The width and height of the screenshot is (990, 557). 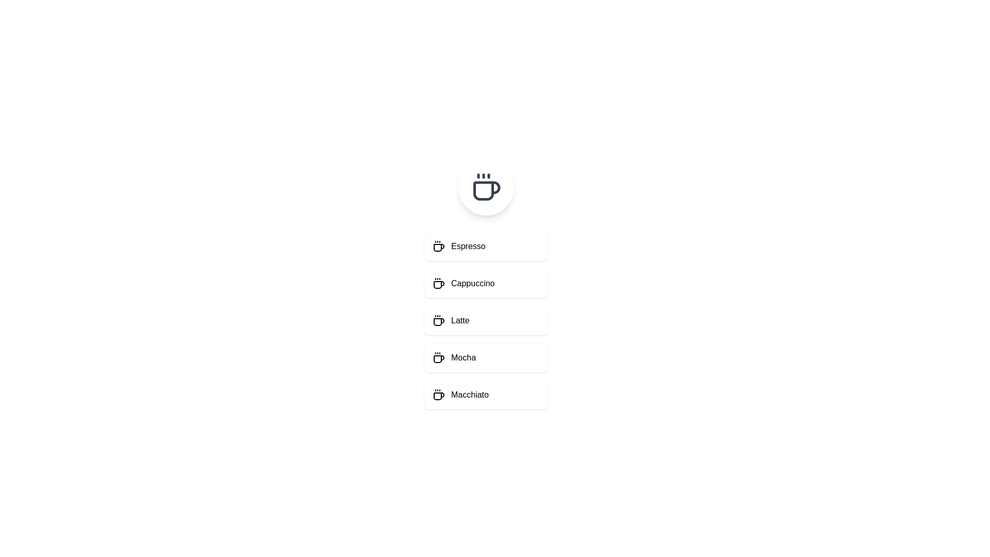 I want to click on the menu item Macchiato to select it, so click(x=485, y=395).